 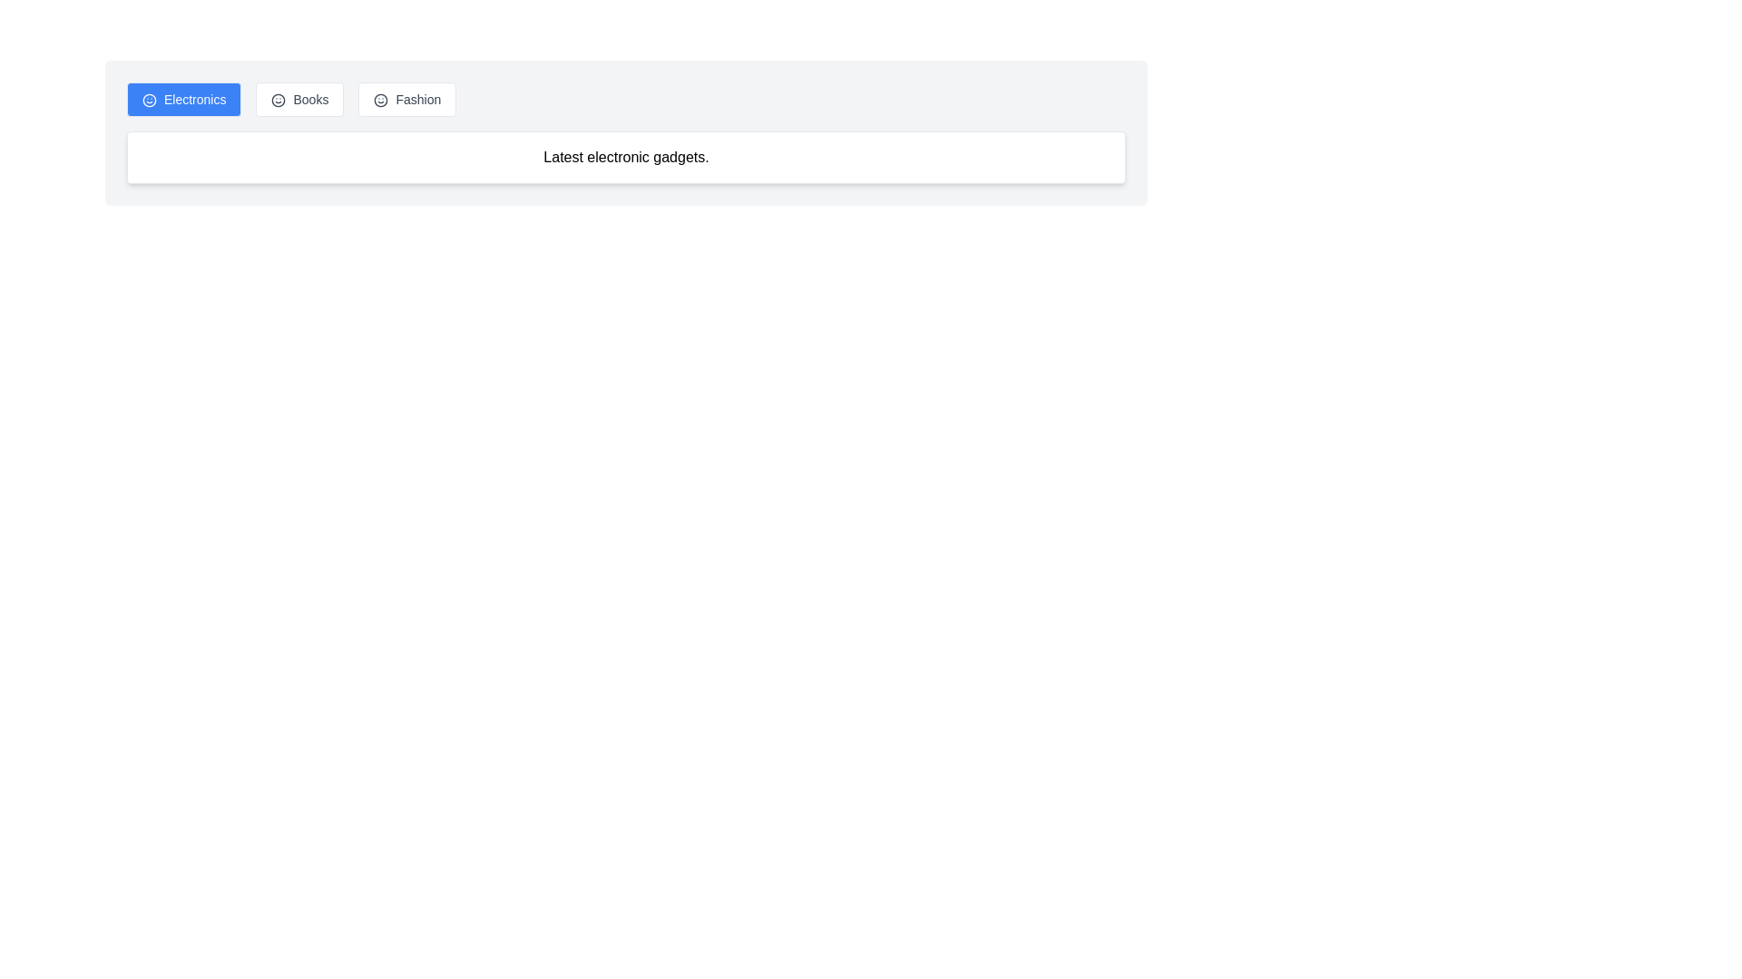 I want to click on the grayscale smiley face icon located to the left of the text 'Books' within the white button, so click(x=278, y=101).